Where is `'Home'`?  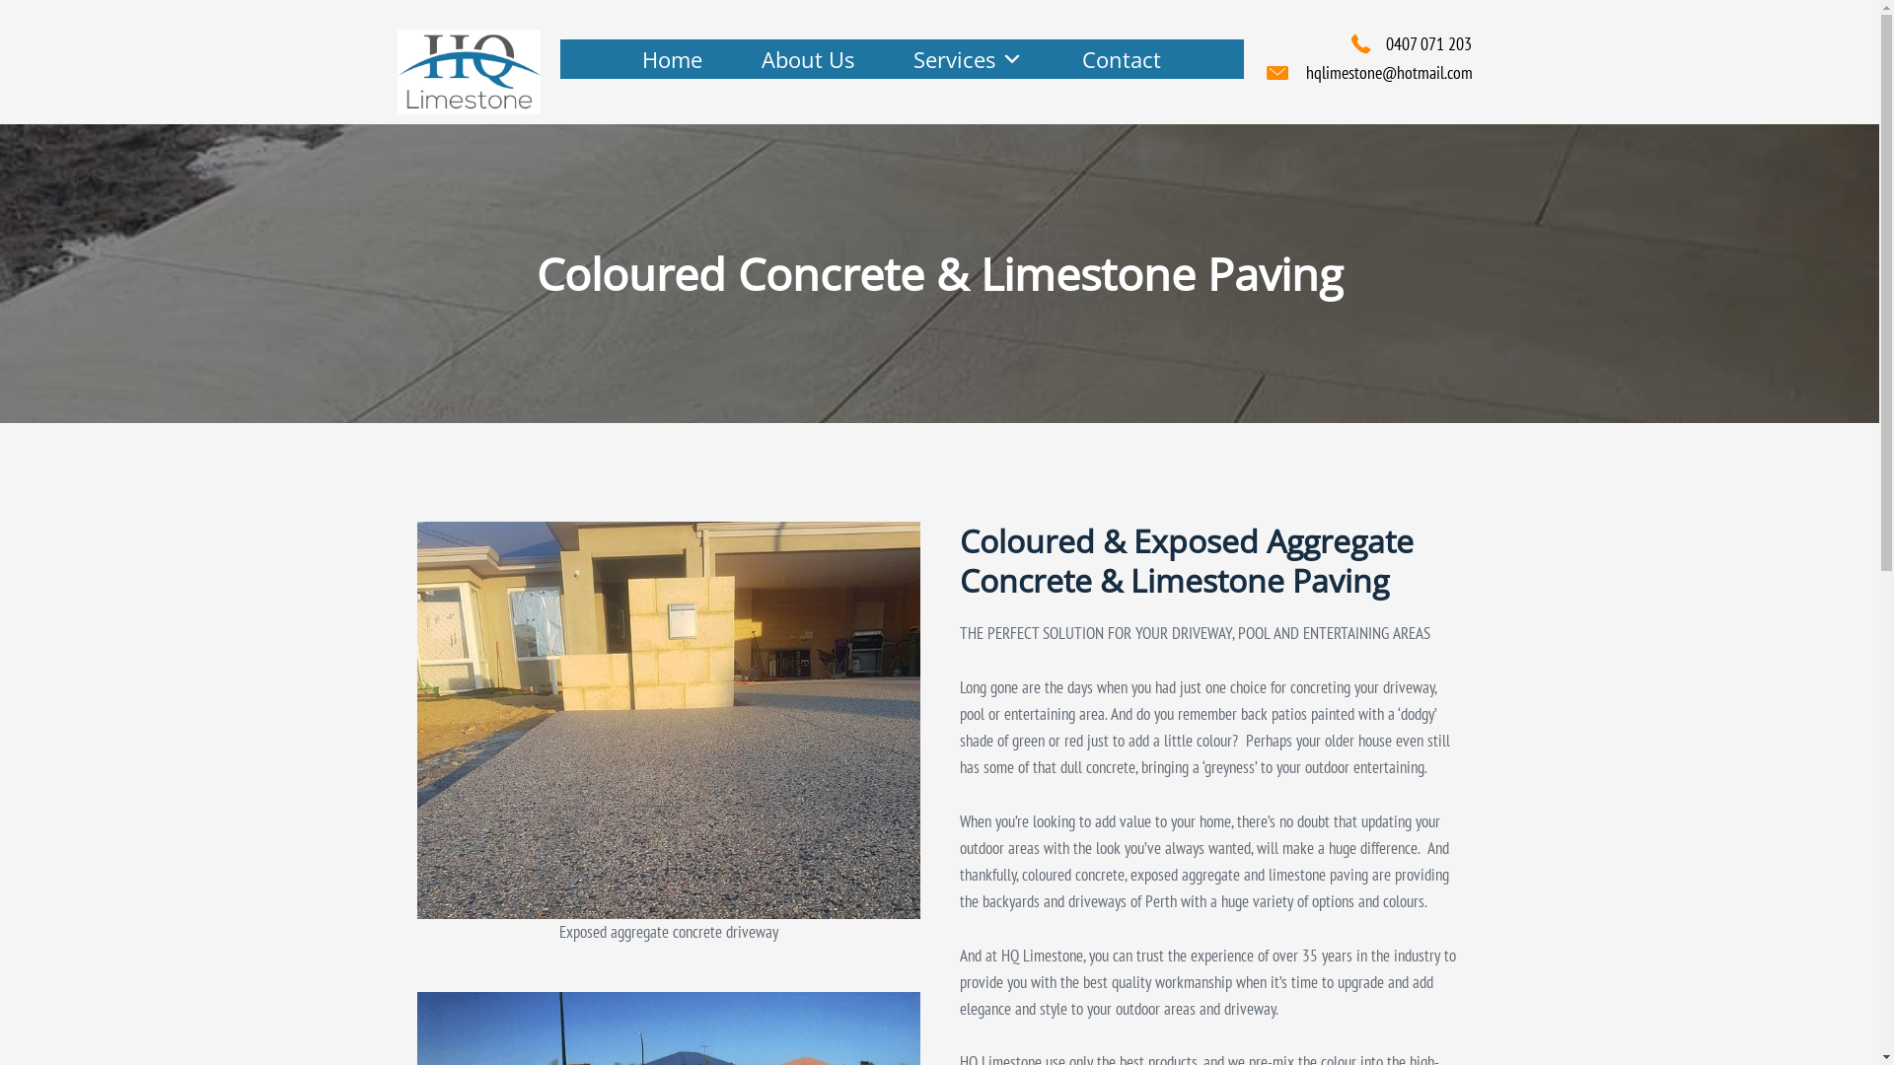
'Home' is located at coordinates (672, 58).